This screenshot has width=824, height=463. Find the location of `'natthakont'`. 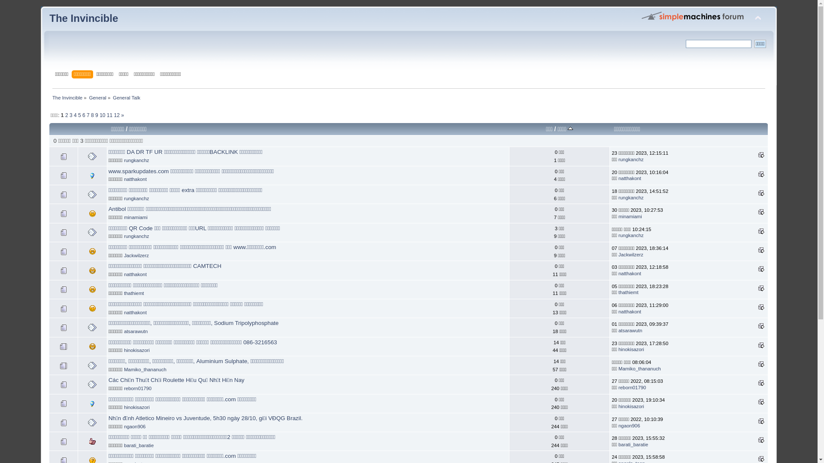

'natthakont' is located at coordinates (618, 273).